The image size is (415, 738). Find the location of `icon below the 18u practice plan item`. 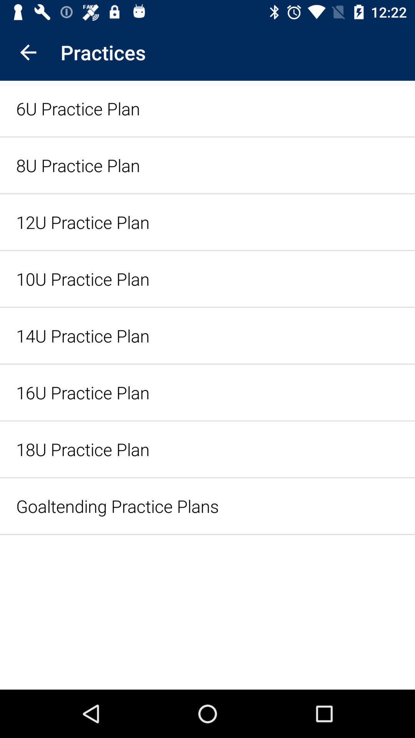

icon below the 18u practice plan item is located at coordinates (207, 506).